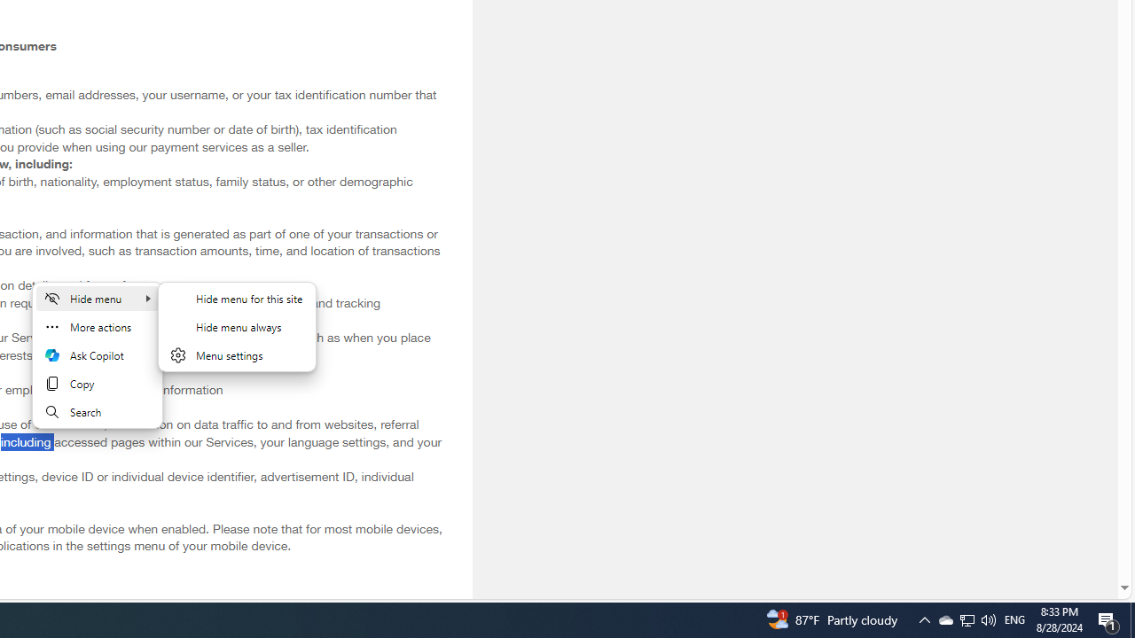 The image size is (1135, 638). I want to click on 'Mini menu on text selection', so click(97, 355).